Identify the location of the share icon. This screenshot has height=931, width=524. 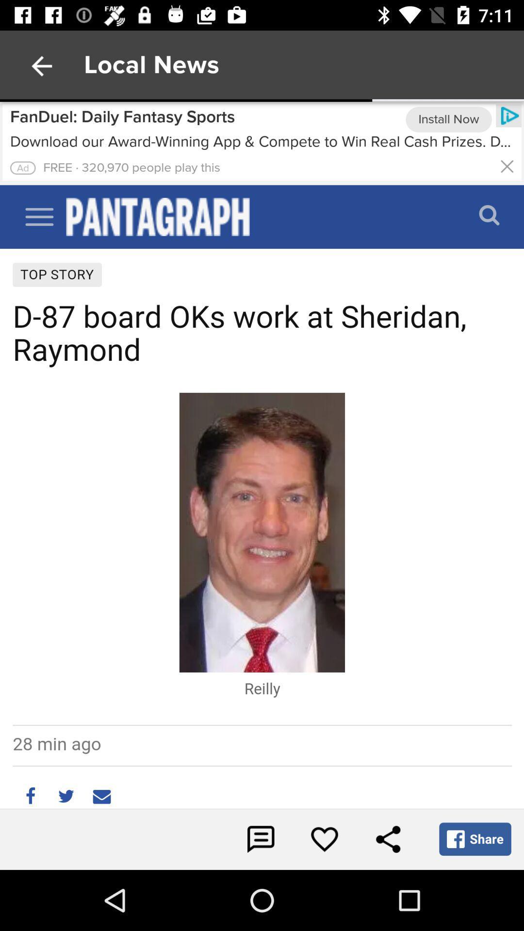
(387, 839).